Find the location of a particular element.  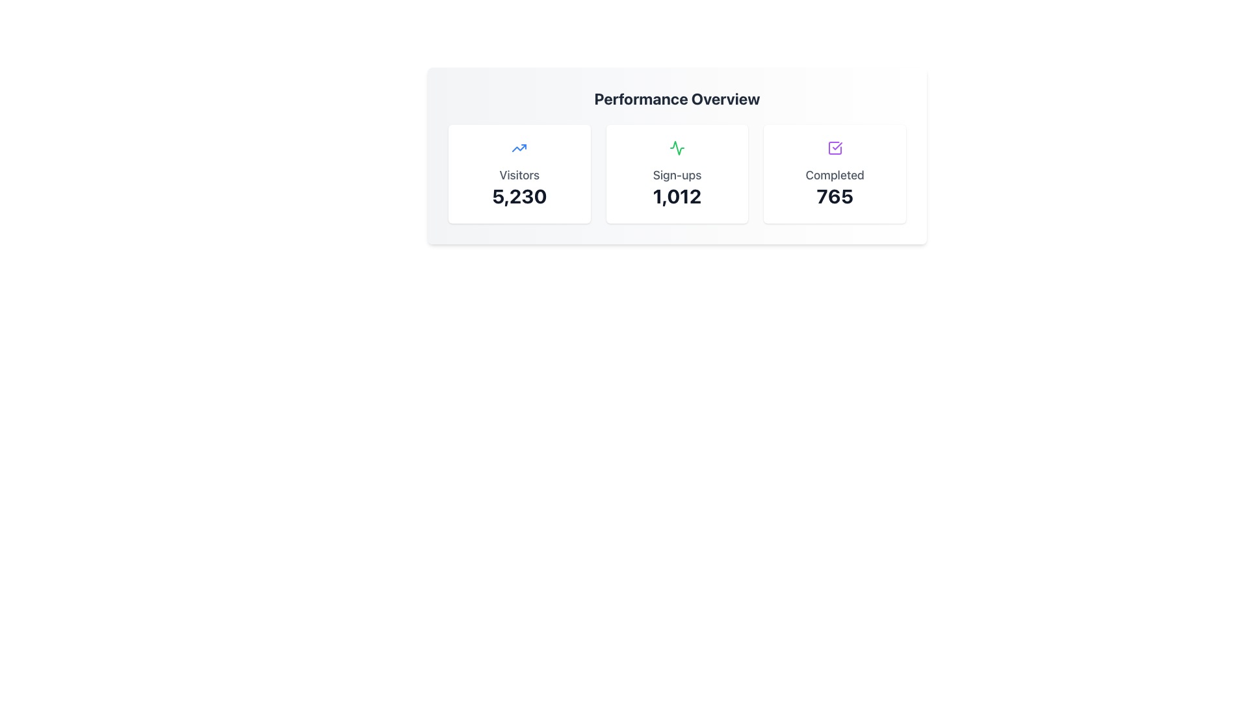

the rightmost informational card that features a purple checked icon, the label 'Completed' in gray text, and the number '765' in bold black font is located at coordinates (835, 173).